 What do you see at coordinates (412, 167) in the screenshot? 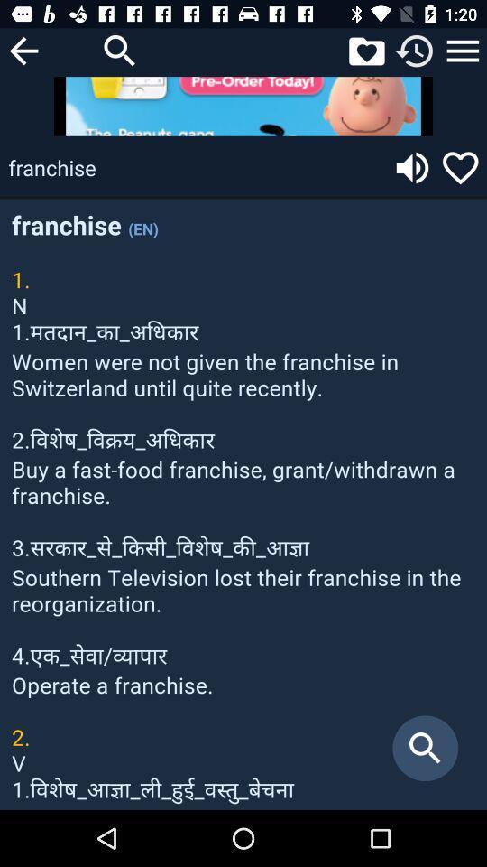
I see `the volume icon` at bounding box center [412, 167].